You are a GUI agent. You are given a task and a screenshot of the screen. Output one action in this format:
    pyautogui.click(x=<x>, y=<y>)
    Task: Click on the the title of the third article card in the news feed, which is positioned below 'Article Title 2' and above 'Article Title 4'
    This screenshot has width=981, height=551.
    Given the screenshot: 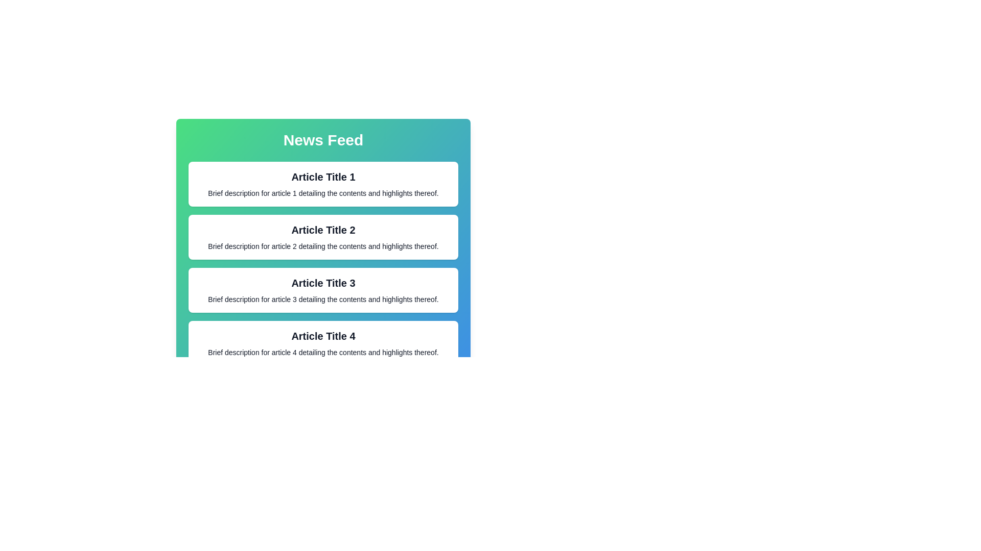 What is the action you would take?
    pyautogui.click(x=323, y=283)
    